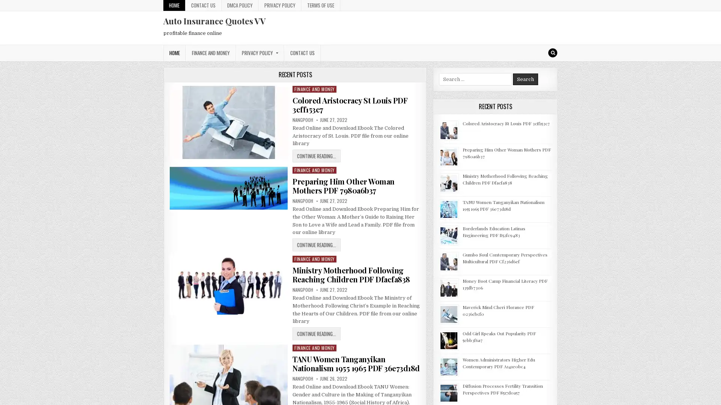  Describe the element at coordinates (525, 79) in the screenshot. I see `Search` at that location.